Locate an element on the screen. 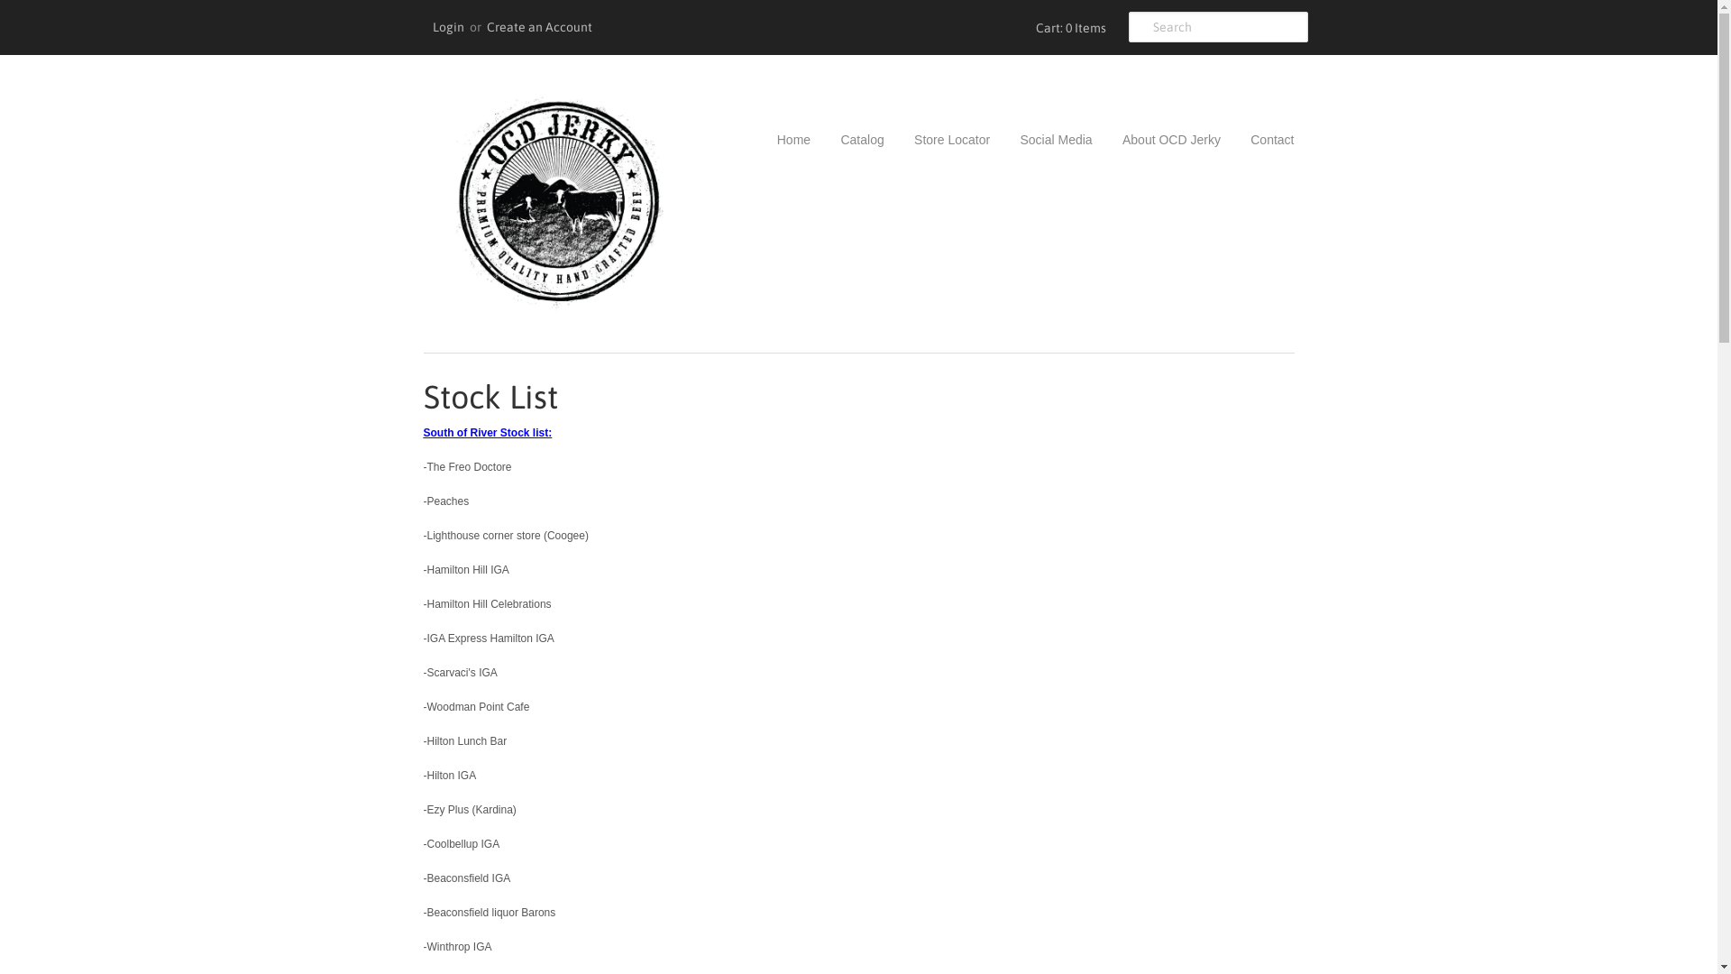 The width and height of the screenshot is (1731, 974). 'Cart: 0 Items' is located at coordinates (1030, 27).